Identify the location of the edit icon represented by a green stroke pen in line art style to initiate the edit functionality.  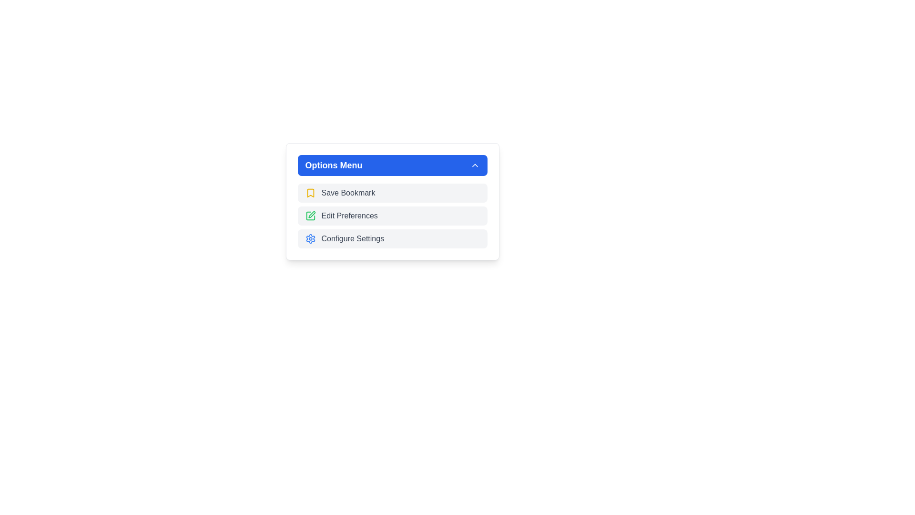
(312, 215).